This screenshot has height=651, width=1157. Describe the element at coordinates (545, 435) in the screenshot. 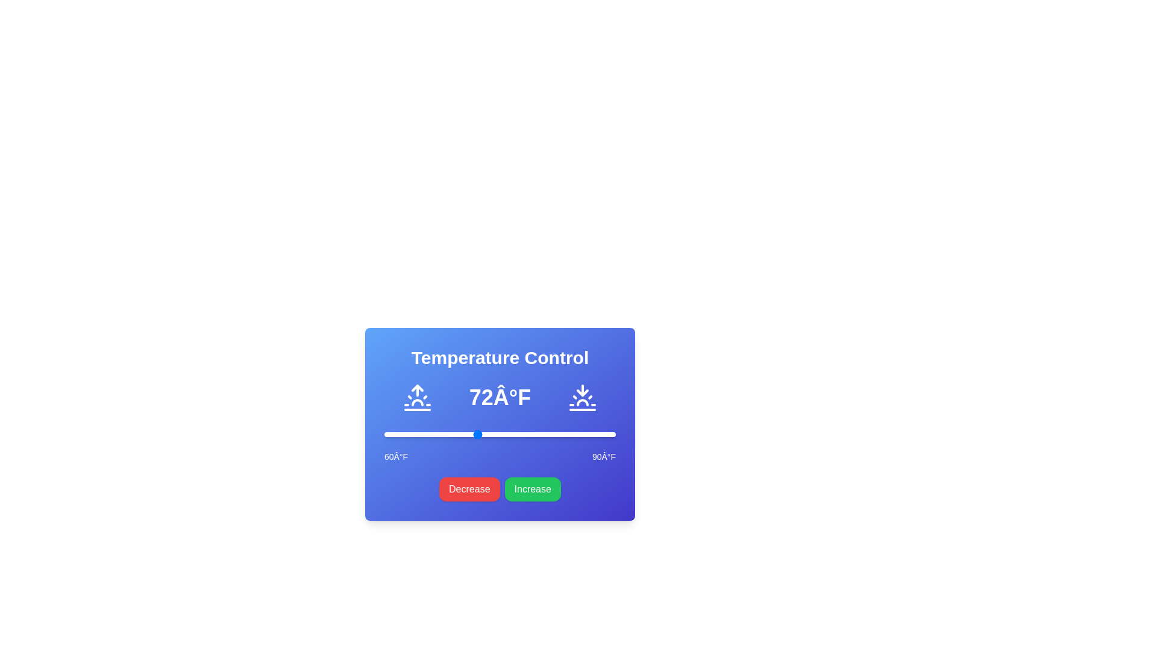

I see `the temperature to 81°F using the slider` at that location.